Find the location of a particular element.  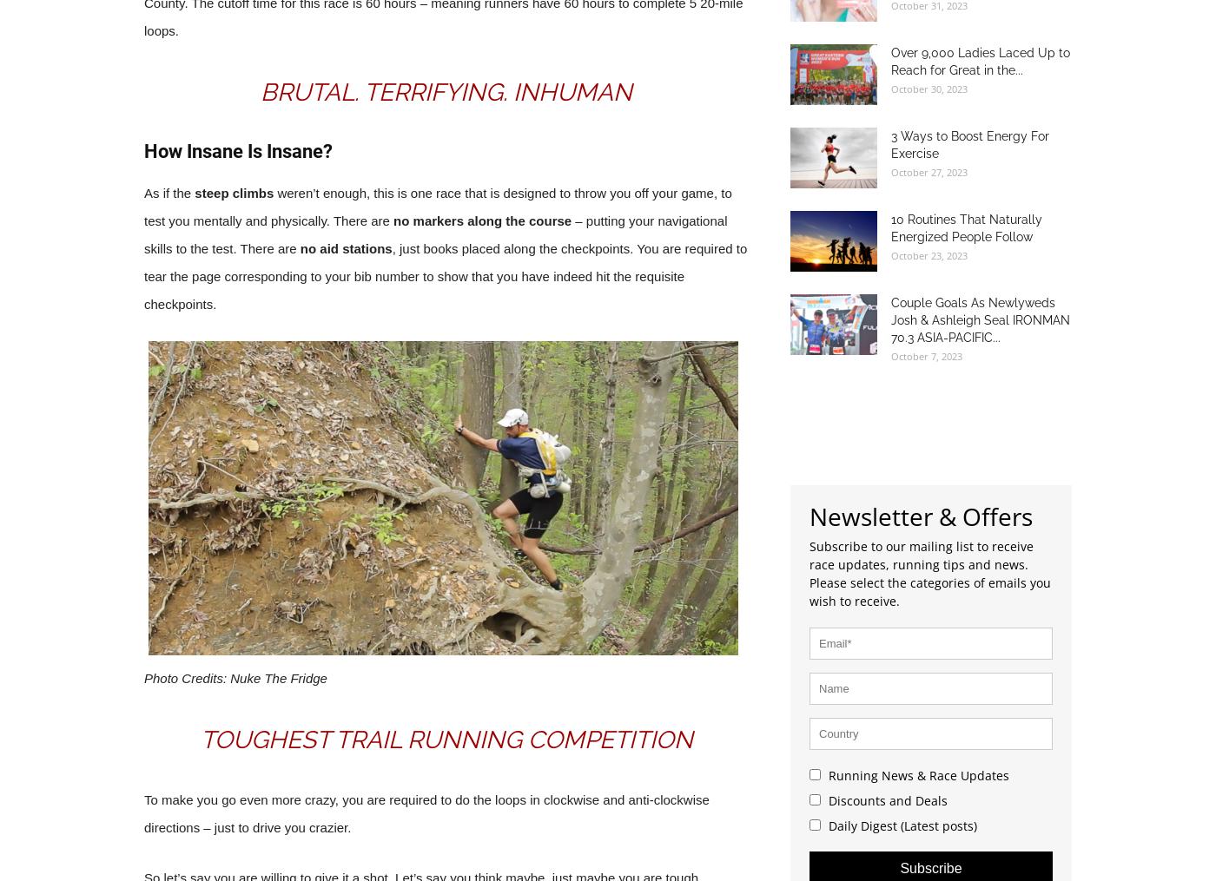

'– putting your navigational skills to the test. There are' is located at coordinates (144, 233).